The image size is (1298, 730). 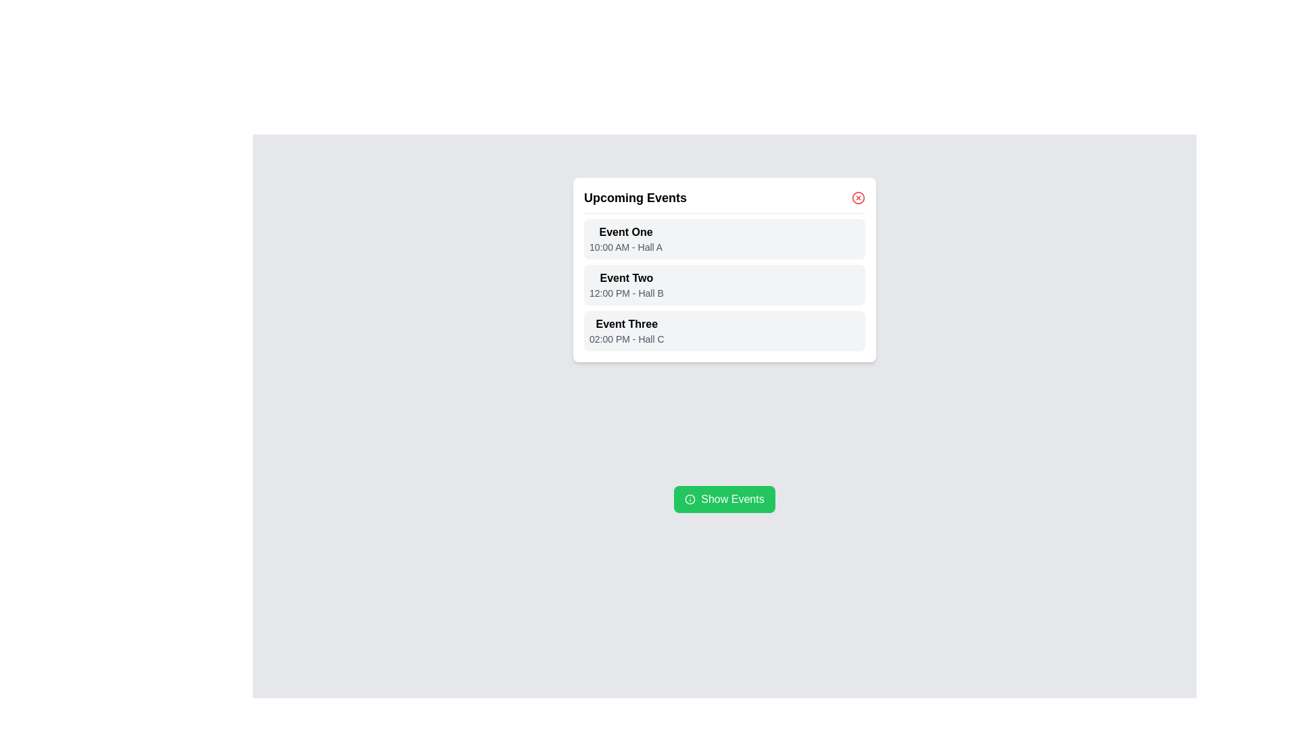 I want to click on the first event item in the 'Upcoming Events' list, which displays 'Event One' and '10:00 AM - Hall A', so click(x=723, y=239).